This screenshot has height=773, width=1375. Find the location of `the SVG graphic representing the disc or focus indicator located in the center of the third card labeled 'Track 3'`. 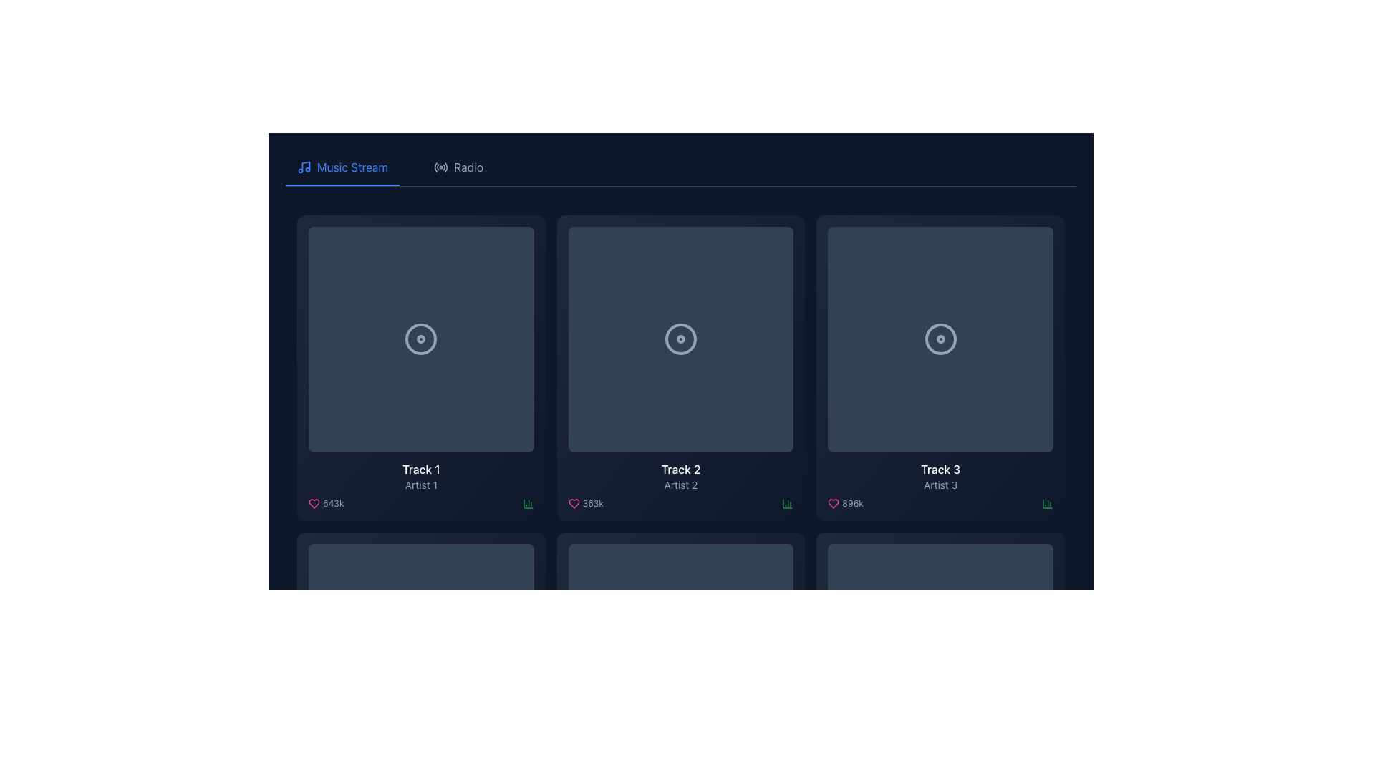

the SVG graphic representing the disc or focus indicator located in the center of the third card labeled 'Track 3' is located at coordinates (940, 339).